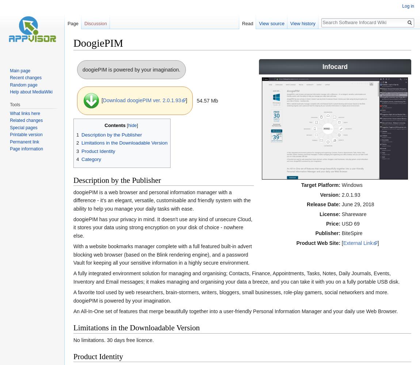 This screenshot has width=420, height=365. Describe the element at coordinates (77, 159) in the screenshot. I see `'4'` at that location.